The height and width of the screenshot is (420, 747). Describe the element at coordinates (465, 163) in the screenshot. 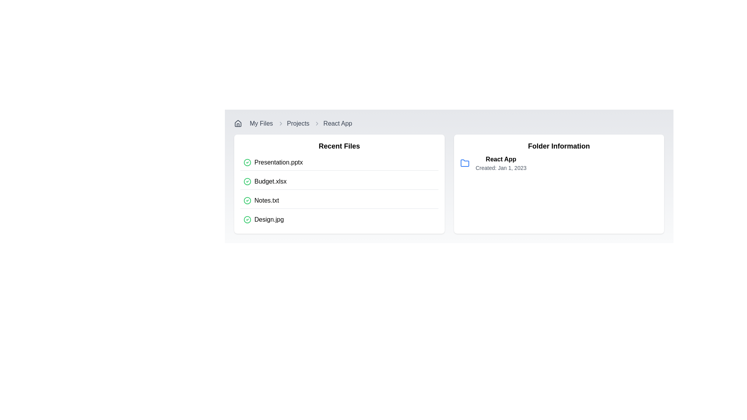

I see `the blue folder icon located at the far left of the 'Folder Information' section, which precedes the text 'React App Created: Jan 1, 2023.'` at that location.